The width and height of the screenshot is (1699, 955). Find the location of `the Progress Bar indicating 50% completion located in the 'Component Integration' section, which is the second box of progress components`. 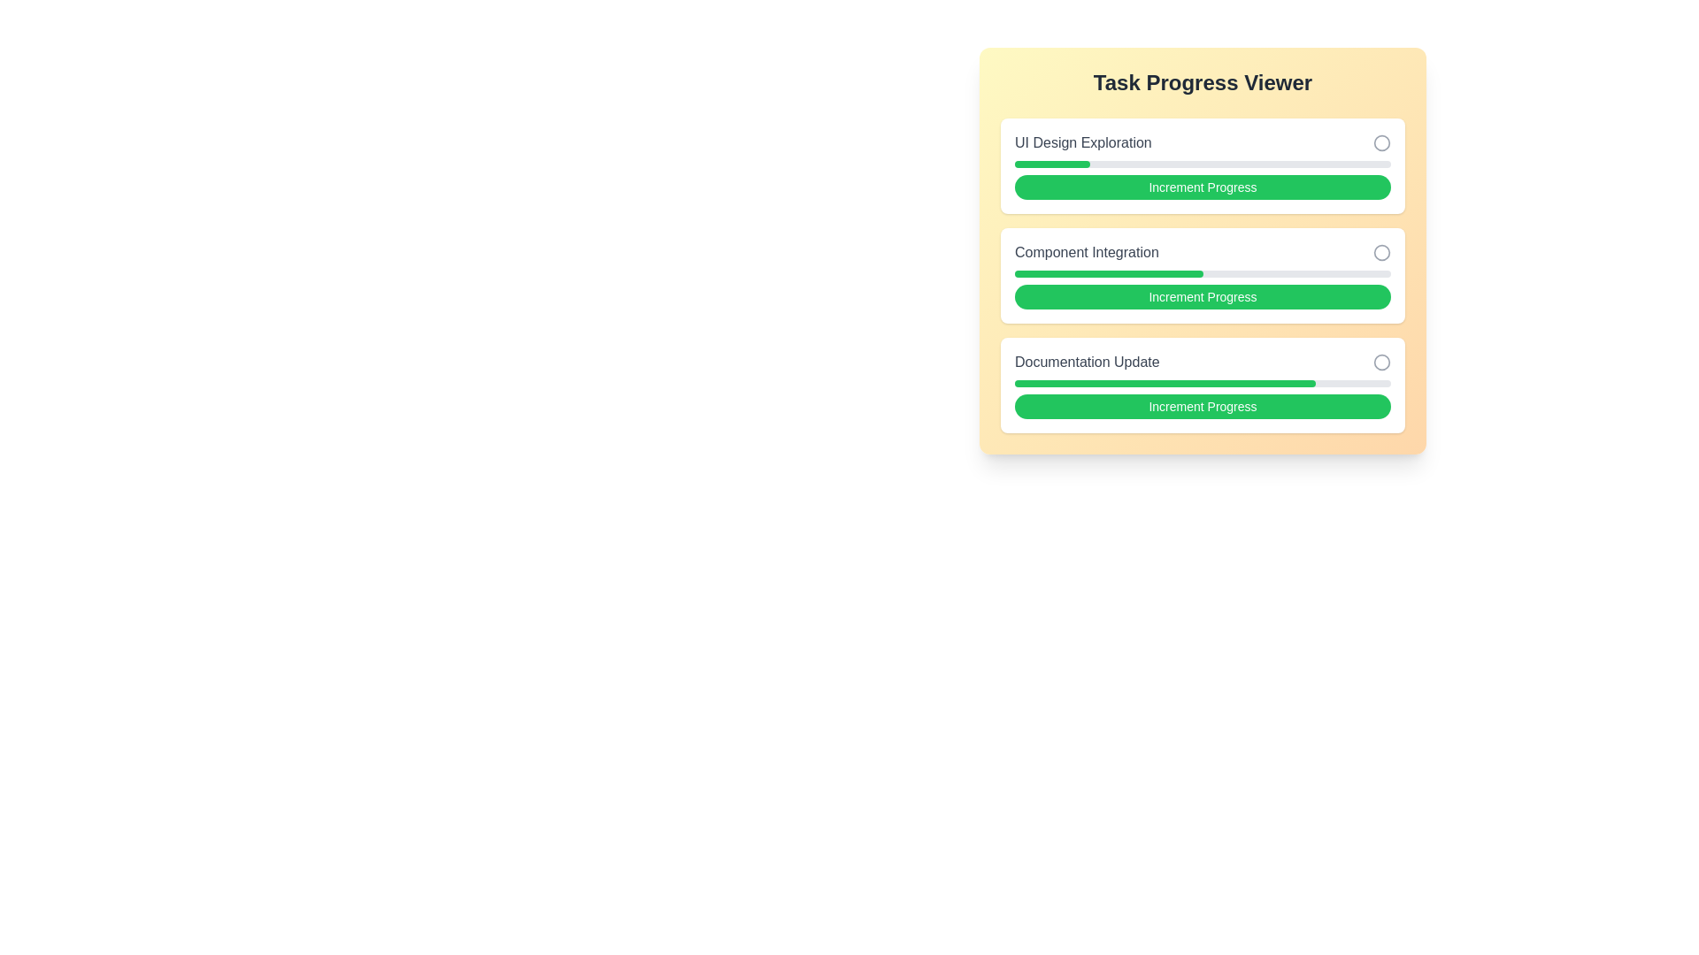

the Progress Bar indicating 50% completion located in the 'Component Integration' section, which is the second box of progress components is located at coordinates (1203, 273).